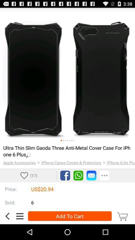  I want to click on next image, so click(69, 140).